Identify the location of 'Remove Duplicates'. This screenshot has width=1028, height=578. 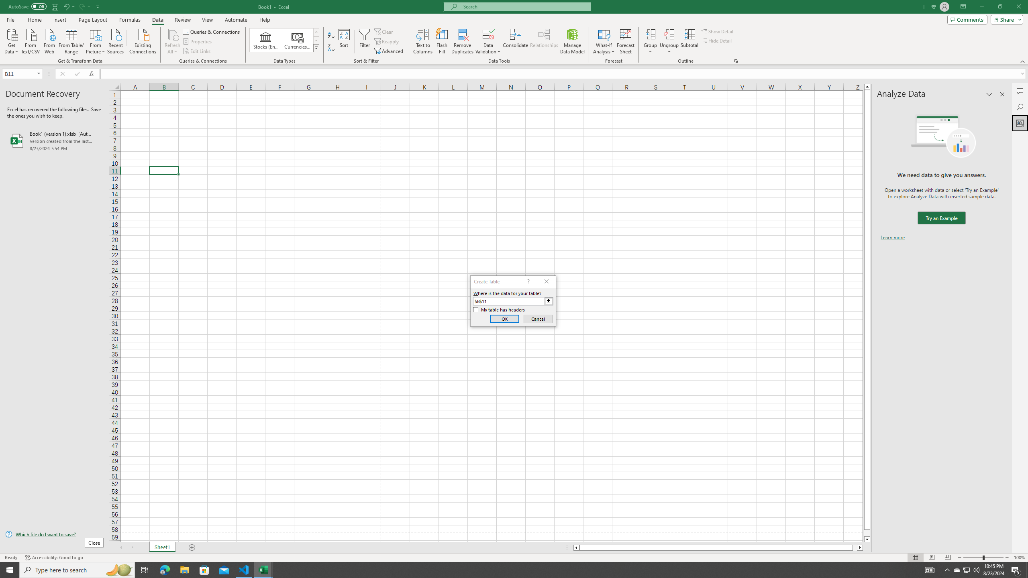
(462, 41).